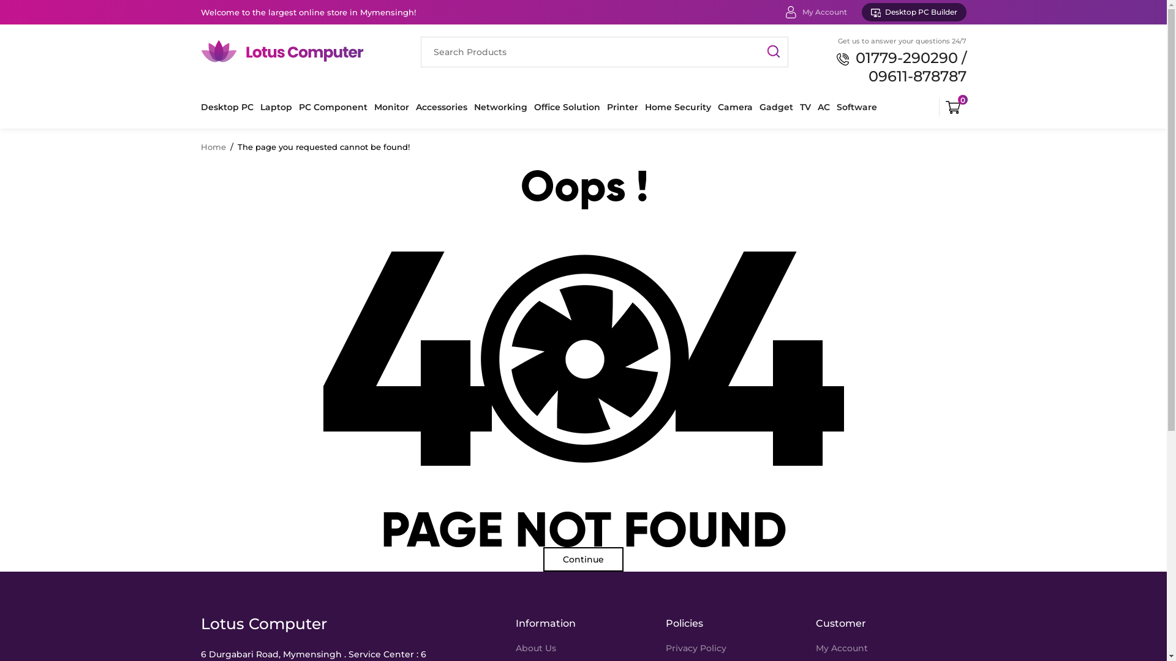 This screenshot has width=1176, height=661. What do you see at coordinates (817, 106) in the screenshot?
I see `'AC'` at bounding box center [817, 106].